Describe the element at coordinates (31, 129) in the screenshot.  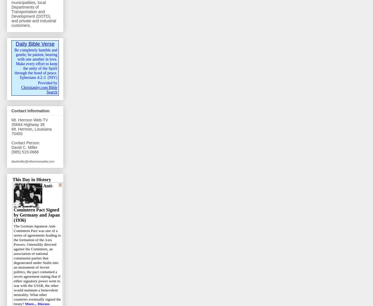
I see `'Mt. Hermon, Louisiana'` at that location.